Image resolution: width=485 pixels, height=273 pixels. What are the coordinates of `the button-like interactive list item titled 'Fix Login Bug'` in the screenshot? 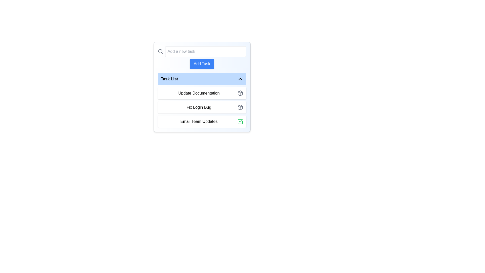 It's located at (202, 107).